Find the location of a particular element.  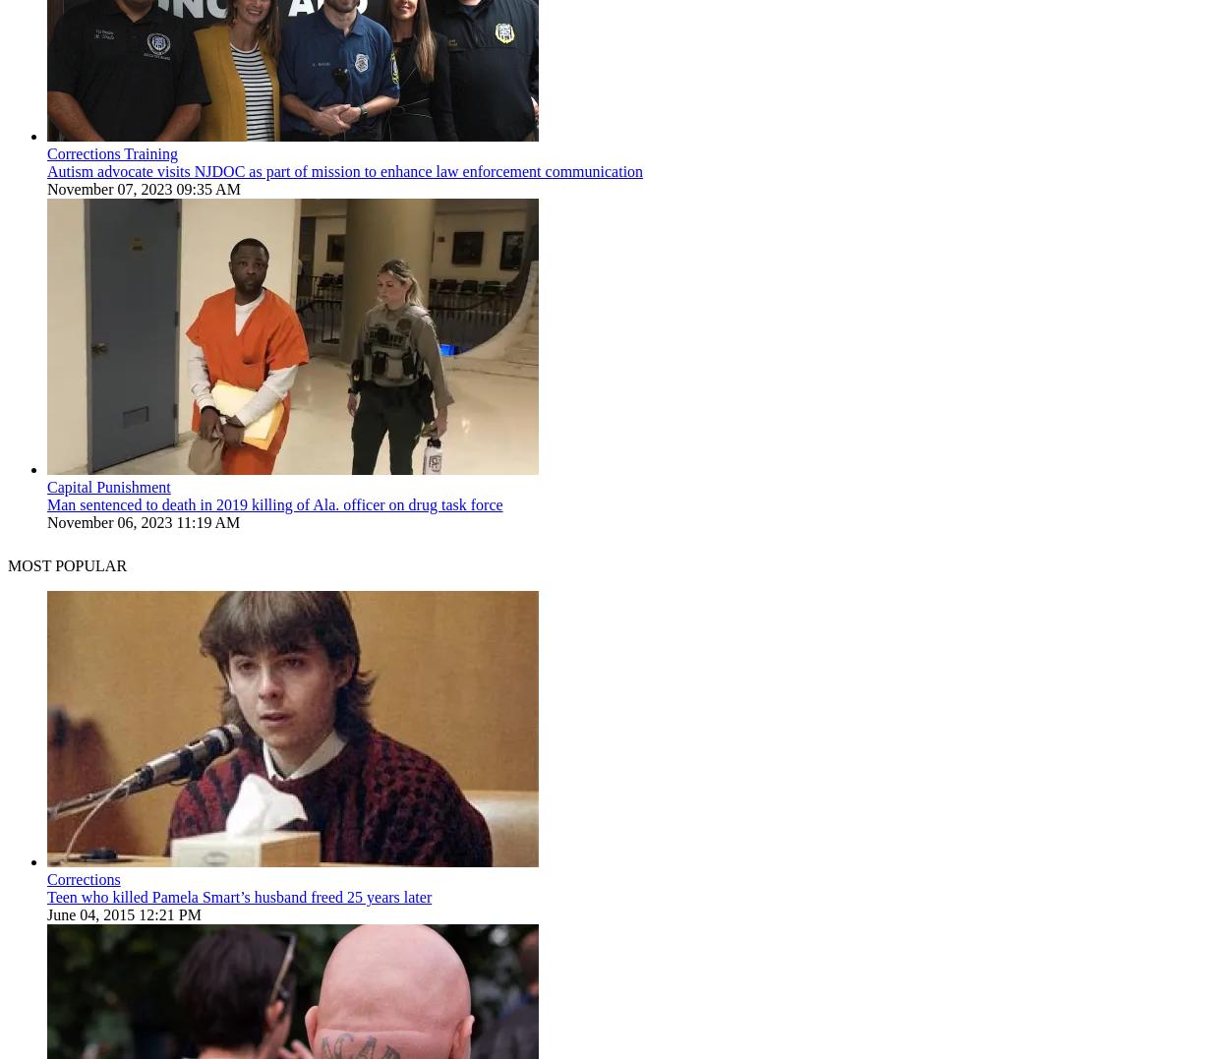

'Teen who killed Pamela Smart’s husband freed 25 years later' is located at coordinates (238, 896).